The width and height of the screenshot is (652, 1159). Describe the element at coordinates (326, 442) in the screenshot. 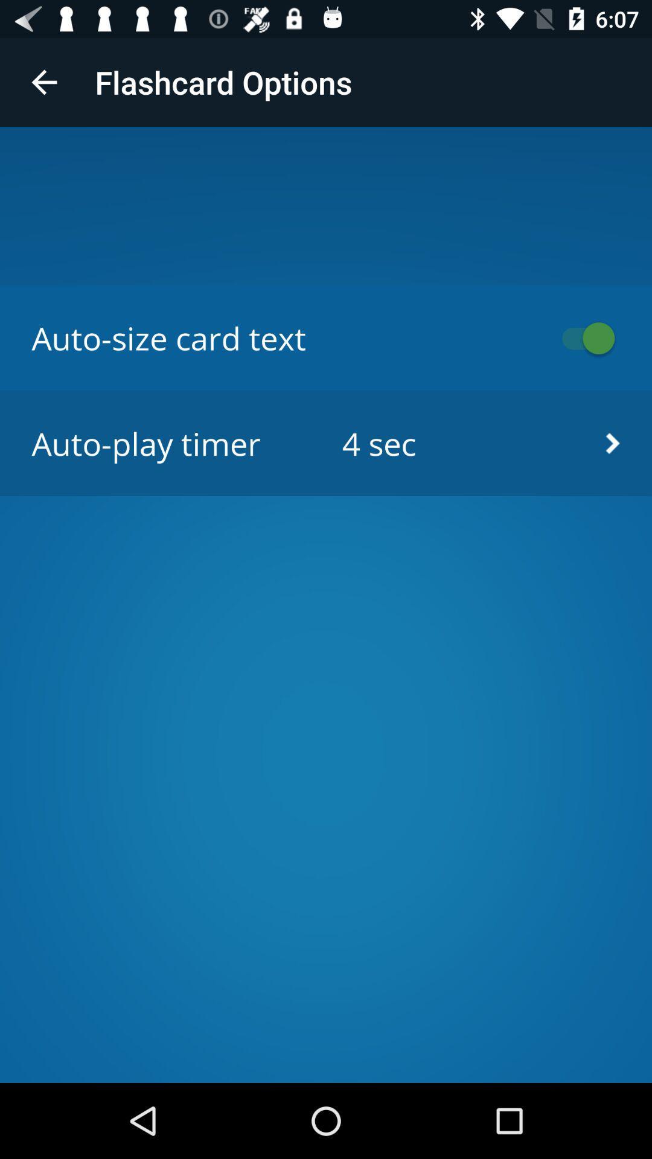

I see `icon at the center` at that location.